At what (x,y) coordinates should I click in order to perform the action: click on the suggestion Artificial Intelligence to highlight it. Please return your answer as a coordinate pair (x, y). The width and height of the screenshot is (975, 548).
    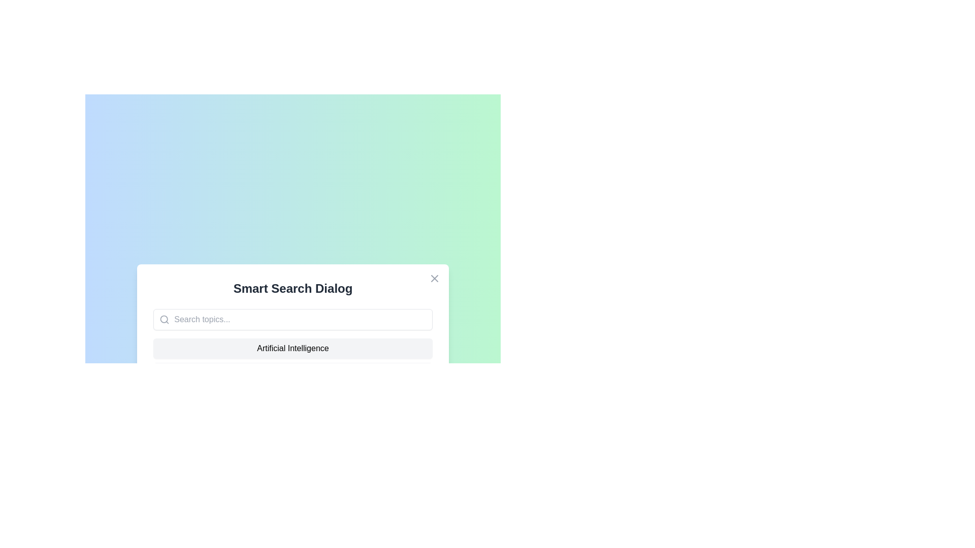
    Looking at the image, I should click on (292, 348).